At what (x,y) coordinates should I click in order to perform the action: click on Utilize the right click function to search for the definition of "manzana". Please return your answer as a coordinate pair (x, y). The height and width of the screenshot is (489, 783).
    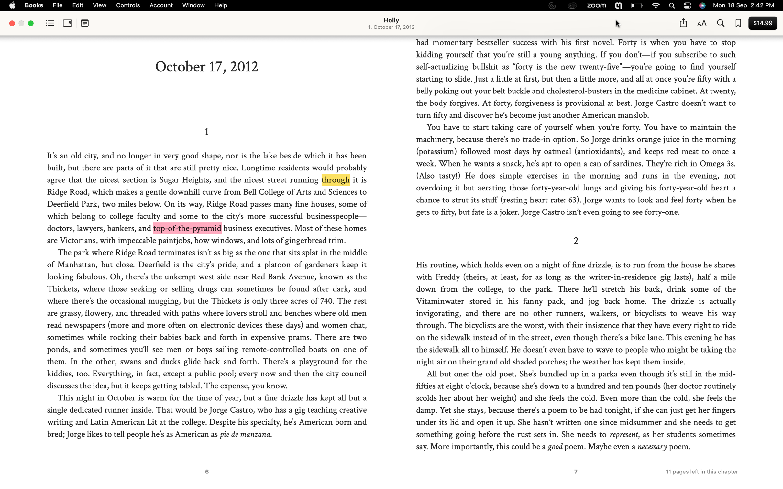
    Looking at the image, I should click on (269, 434).